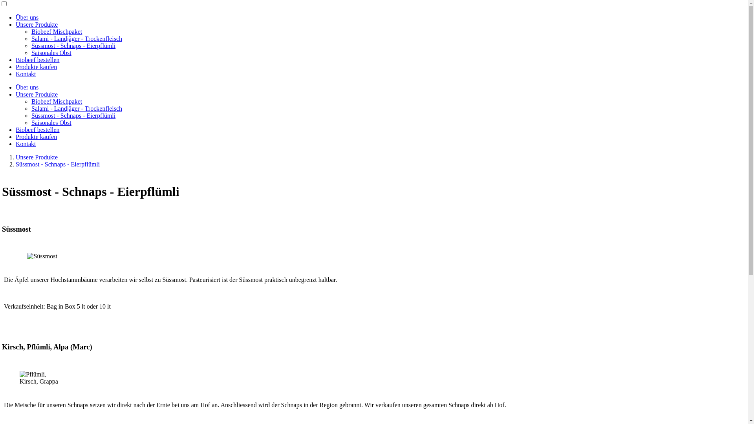 The width and height of the screenshot is (754, 424). I want to click on 'Unsere Produkte', so click(36, 24).